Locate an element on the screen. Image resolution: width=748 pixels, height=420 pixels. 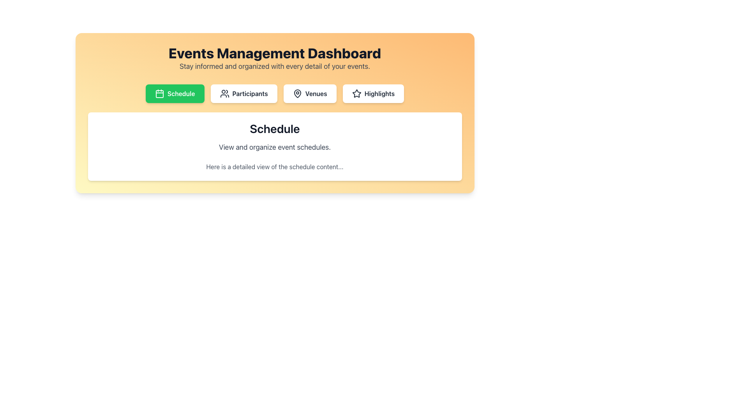
the 'Venues' text label in bold black font, located in the third slot of four horizontally-aligned buttons in the menu bar is located at coordinates (316, 93).